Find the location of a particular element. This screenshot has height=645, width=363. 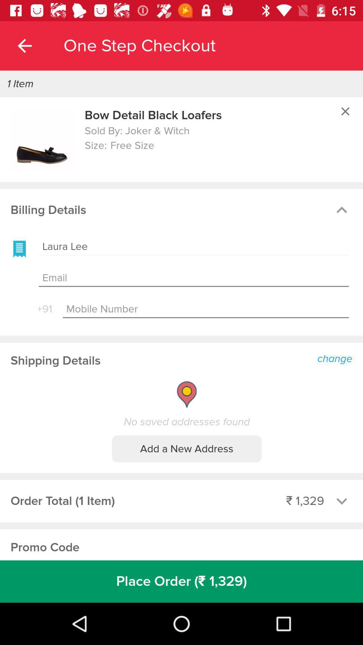

the add a new icon is located at coordinates (187, 449).